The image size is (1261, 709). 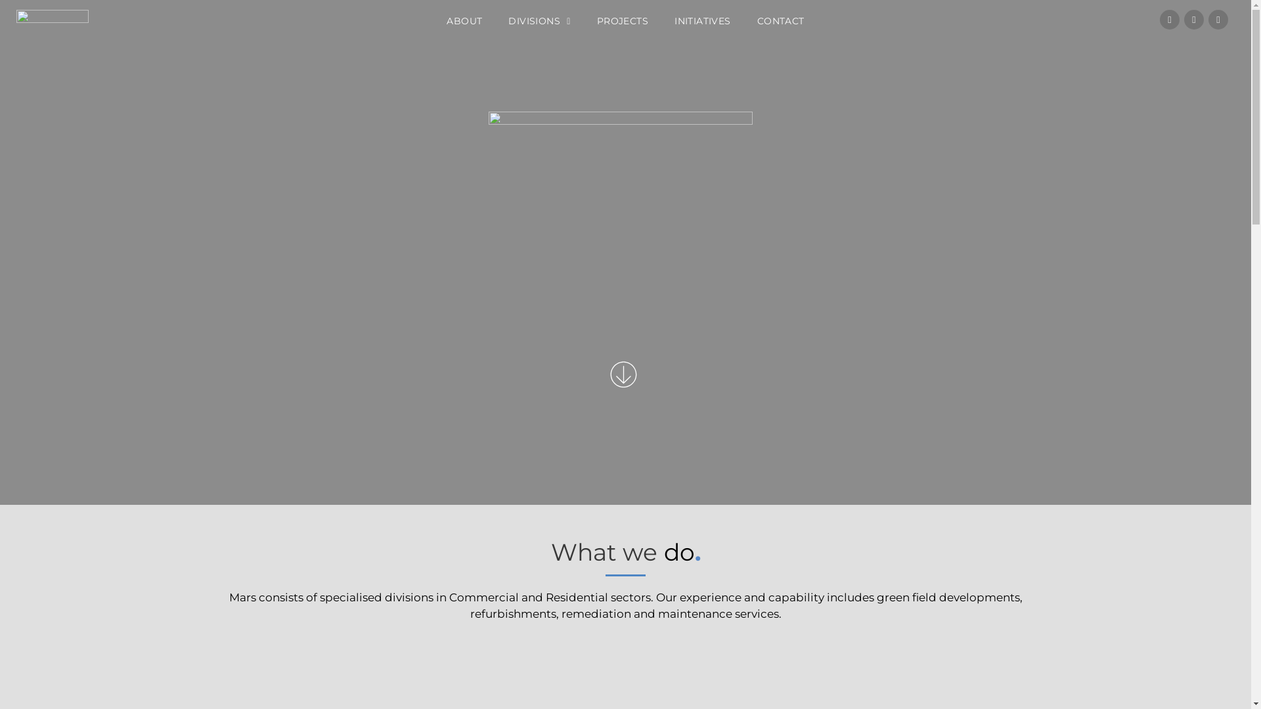 What do you see at coordinates (622, 21) in the screenshot?
I see `'PROJECTS'` at bounding box center [622, 21].